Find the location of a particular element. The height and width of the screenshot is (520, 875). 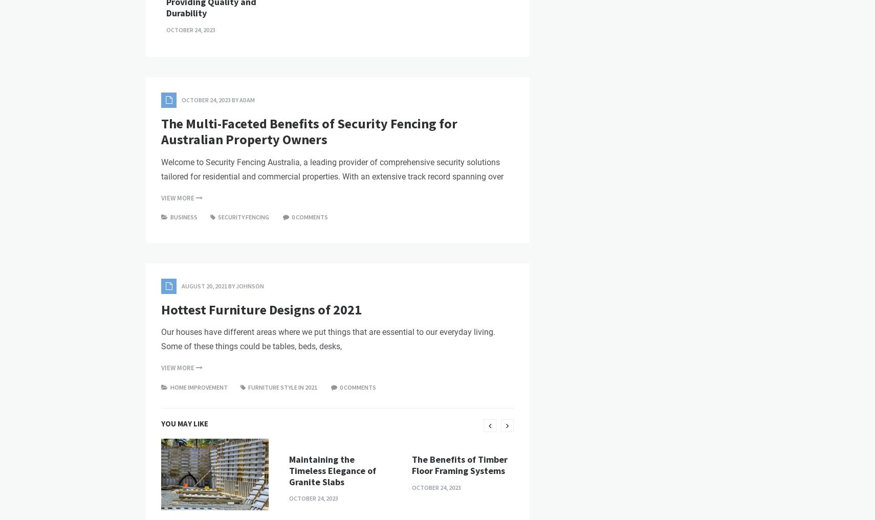

'View More' is located at coordinates (178, 371).